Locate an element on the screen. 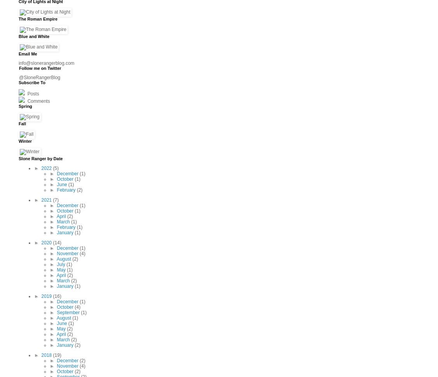 The image size is (438, 377). '(7)' is located at coordinates (55, 199).